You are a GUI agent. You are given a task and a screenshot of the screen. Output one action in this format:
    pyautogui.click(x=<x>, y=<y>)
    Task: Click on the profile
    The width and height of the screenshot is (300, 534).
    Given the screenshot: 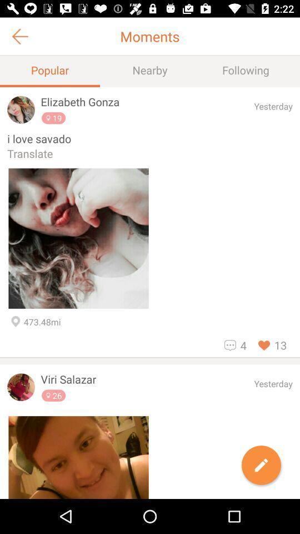 What is the action you would take?
    pyautogui.click(x=78, y=457)
    